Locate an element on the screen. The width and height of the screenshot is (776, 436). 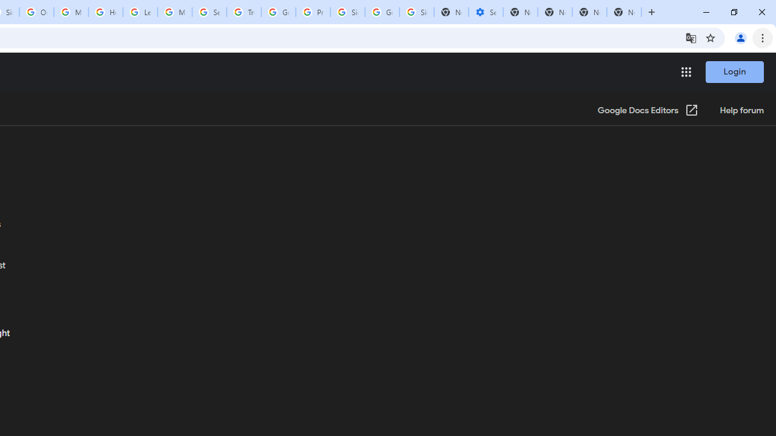
'Translate this page' is located at coordinates (691, 37).